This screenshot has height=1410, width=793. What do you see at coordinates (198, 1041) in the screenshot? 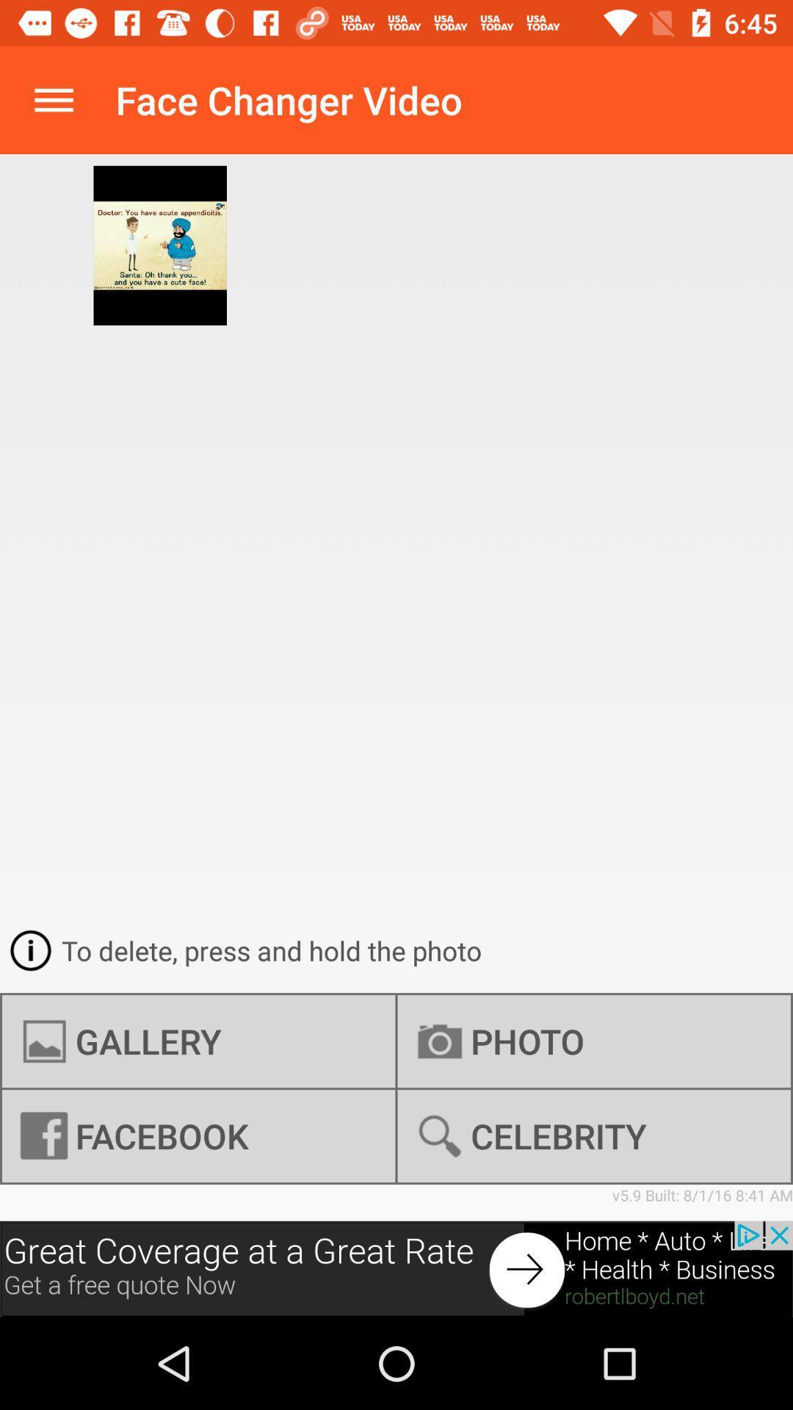
I see `the item next to the photo icon` at bounding box center [198, 1041].